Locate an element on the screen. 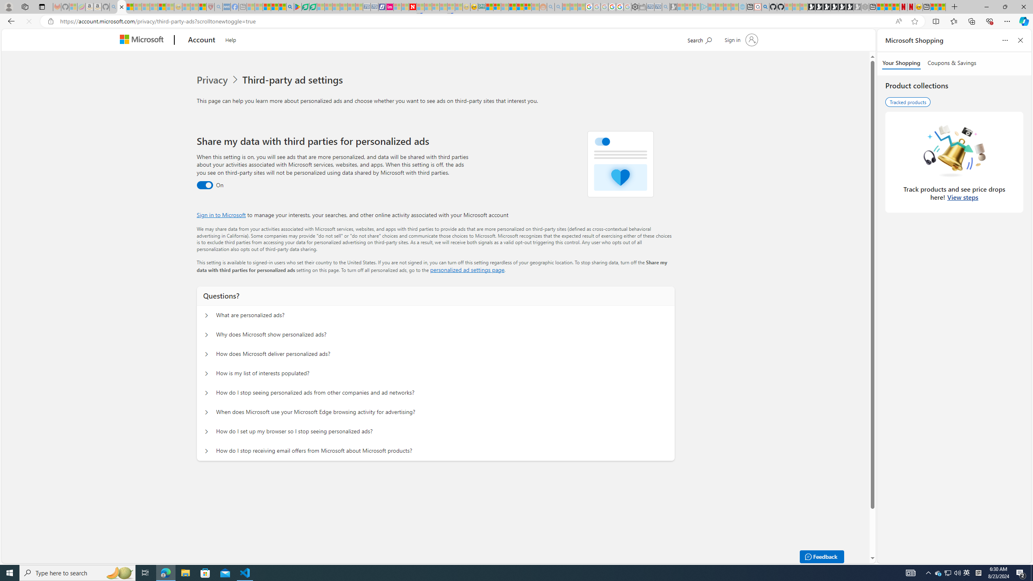 The width and height of the screenshot is (1033, 581). 'Questions? How is my list of interests populated?' is located at coordinates (205, 373).